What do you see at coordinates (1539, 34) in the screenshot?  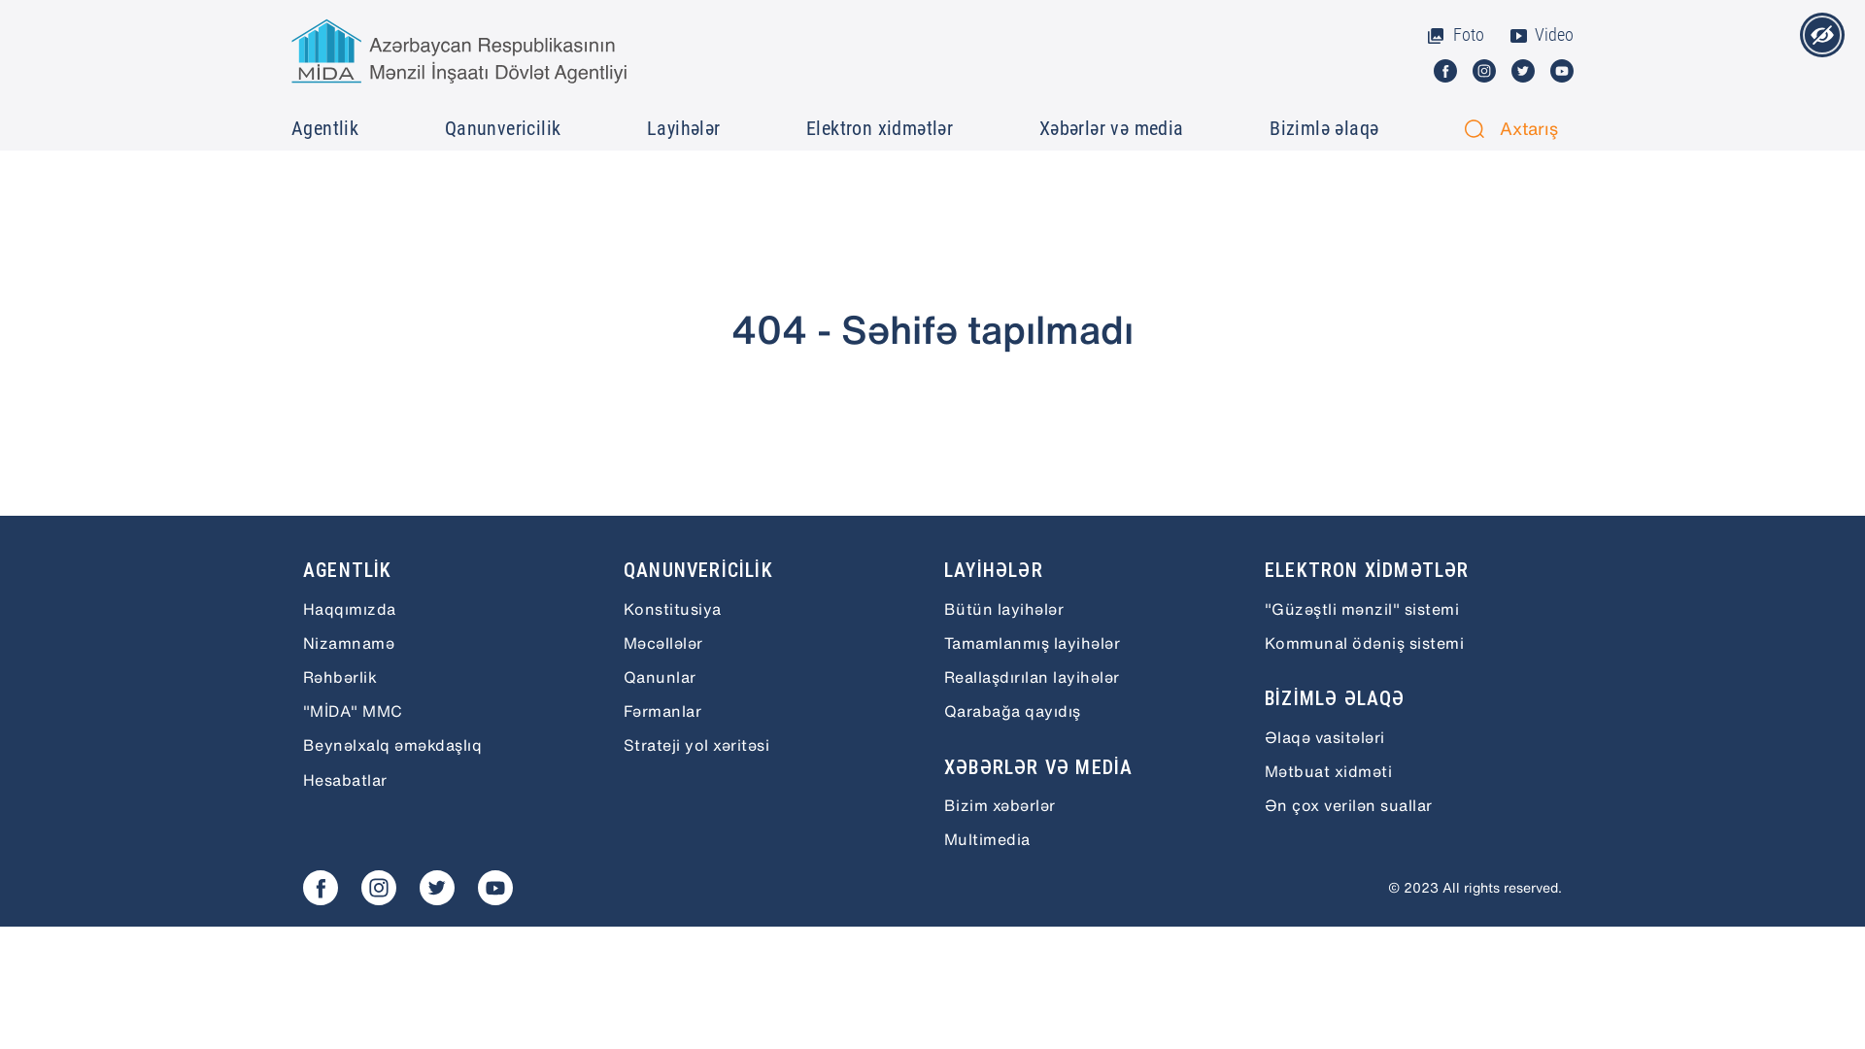 I see `'Video'` at bounding box center [1539, 34].